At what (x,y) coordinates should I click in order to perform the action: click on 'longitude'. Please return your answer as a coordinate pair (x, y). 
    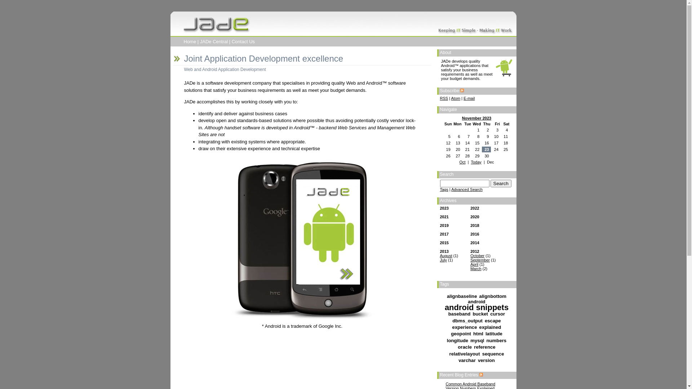
    Looking at the image, I should click on (457, 340).